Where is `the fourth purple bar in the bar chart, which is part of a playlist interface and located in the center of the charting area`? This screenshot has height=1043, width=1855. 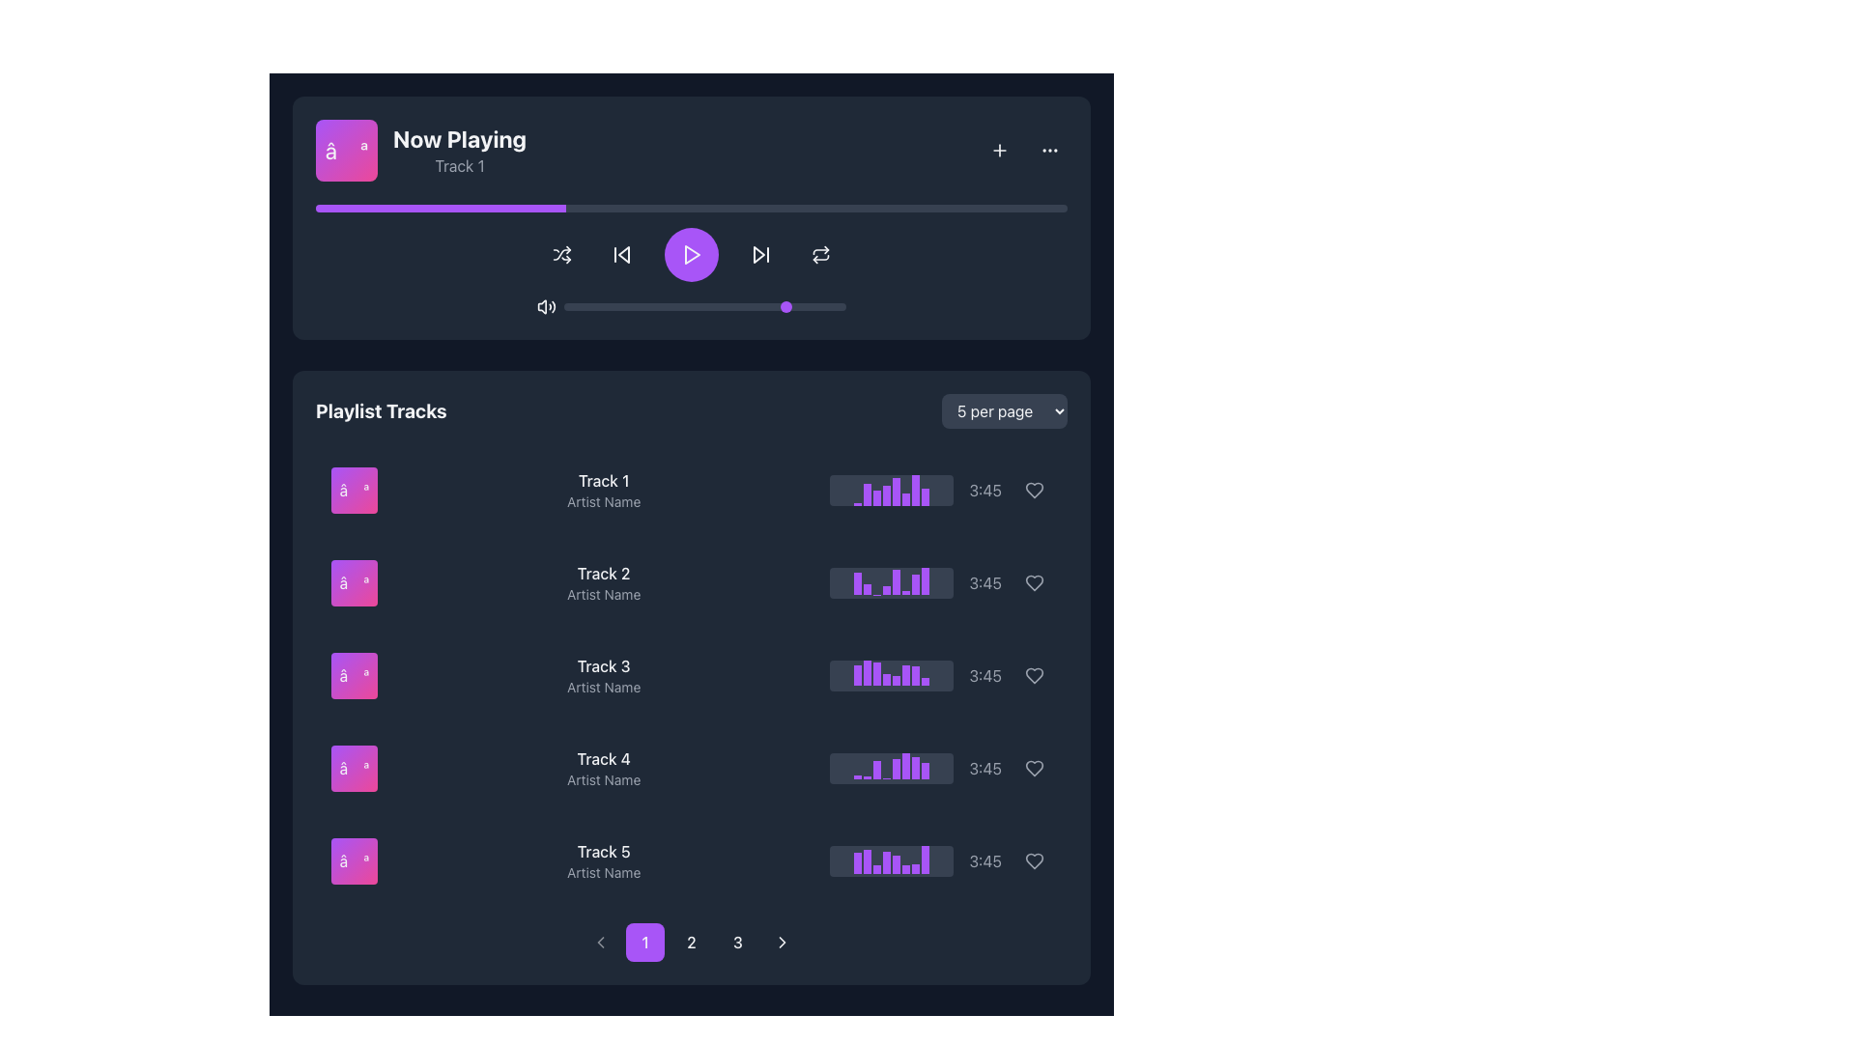
the fourth purple bar in the bar chart, which is part of a playlist interface and located in the center of the charting area is located at coordinates (886, 861).